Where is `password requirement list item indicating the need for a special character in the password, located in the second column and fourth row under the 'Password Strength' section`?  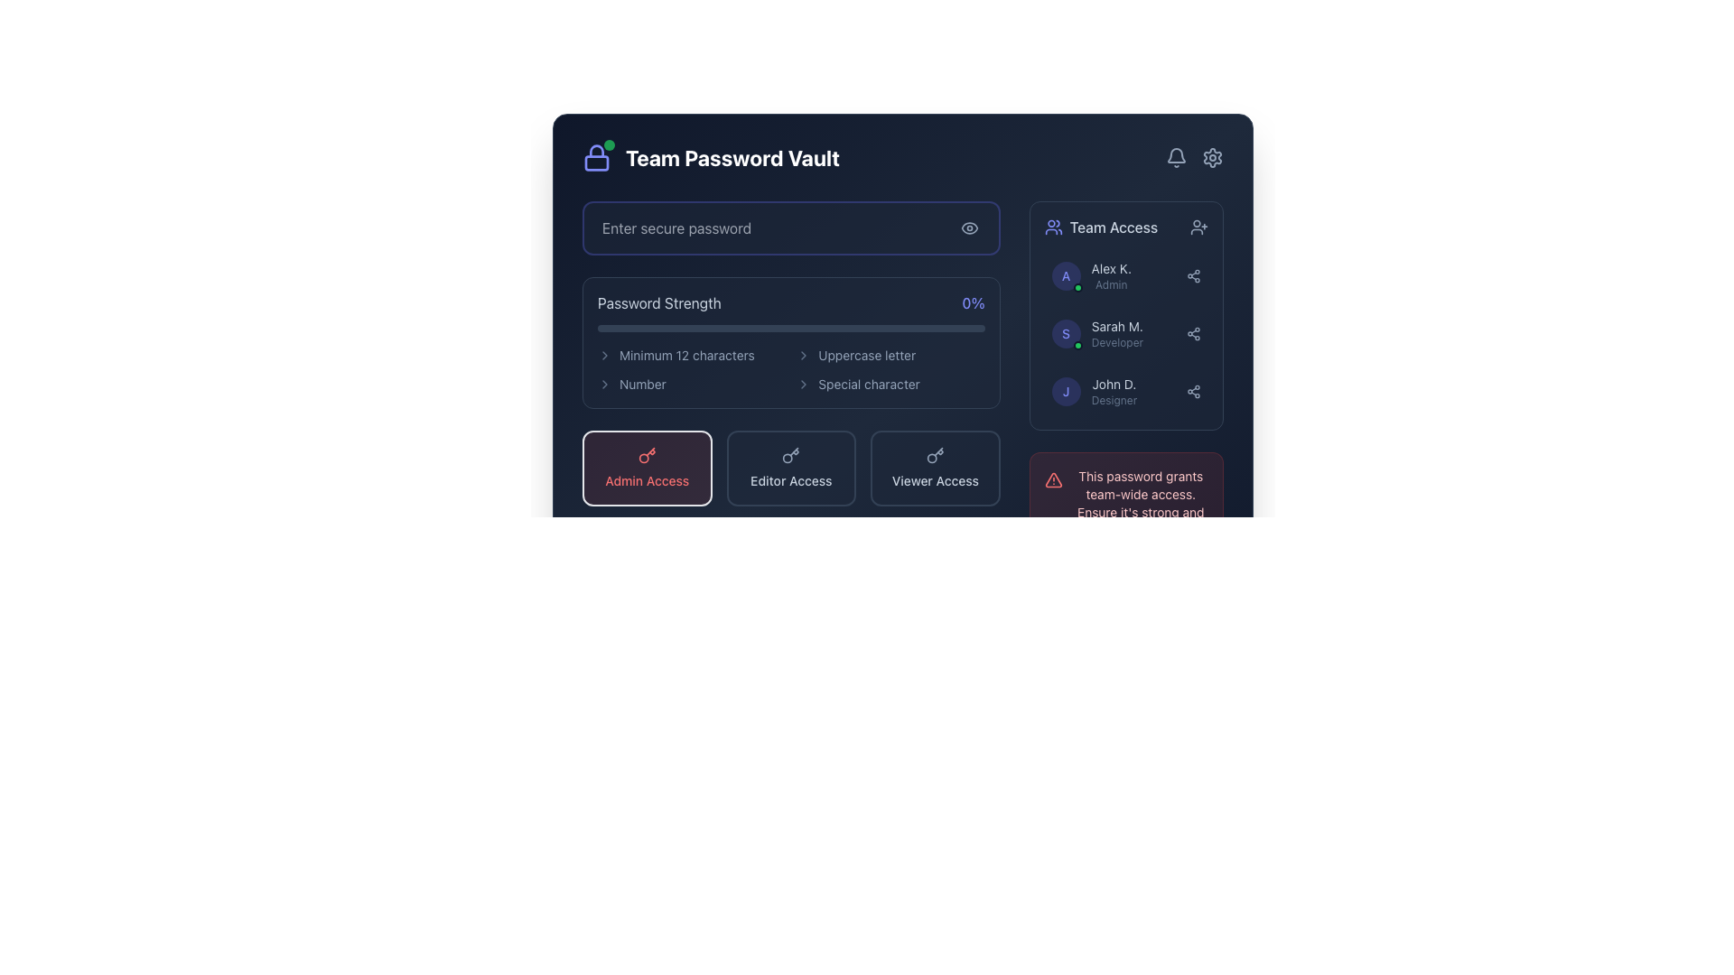 password requirement list item indicating the need for a special character in the password, located in the second column and fourth row under the 'Password Strength' section is located at coordinates (890, 383).